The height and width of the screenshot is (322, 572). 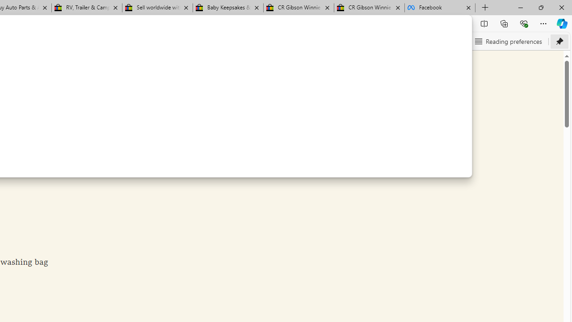 I want to click on 'Facebook', so click(x=440, y=8).